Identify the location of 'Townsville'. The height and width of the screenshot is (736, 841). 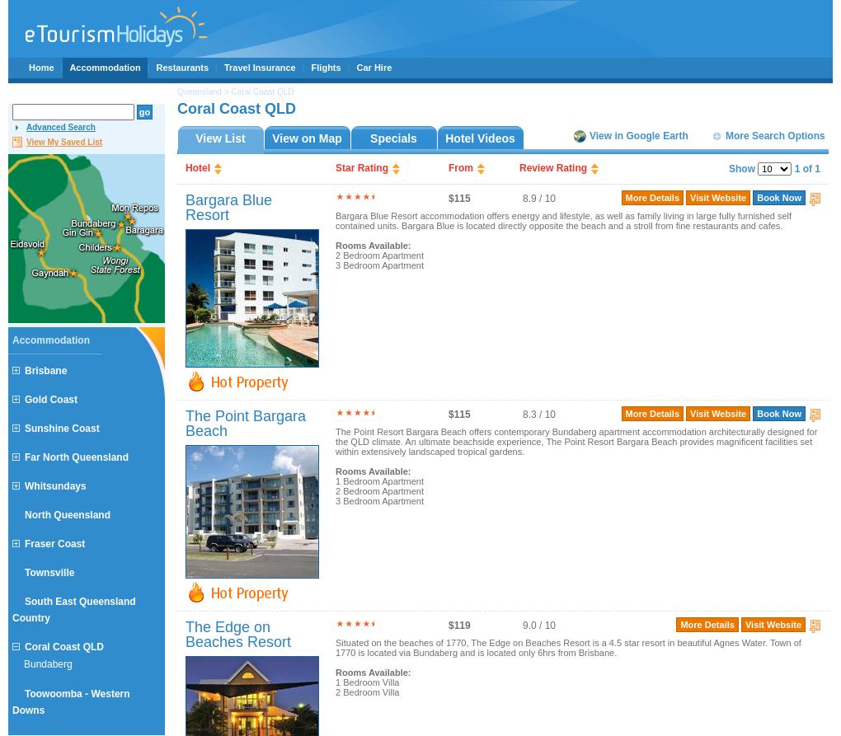
(49, 573).